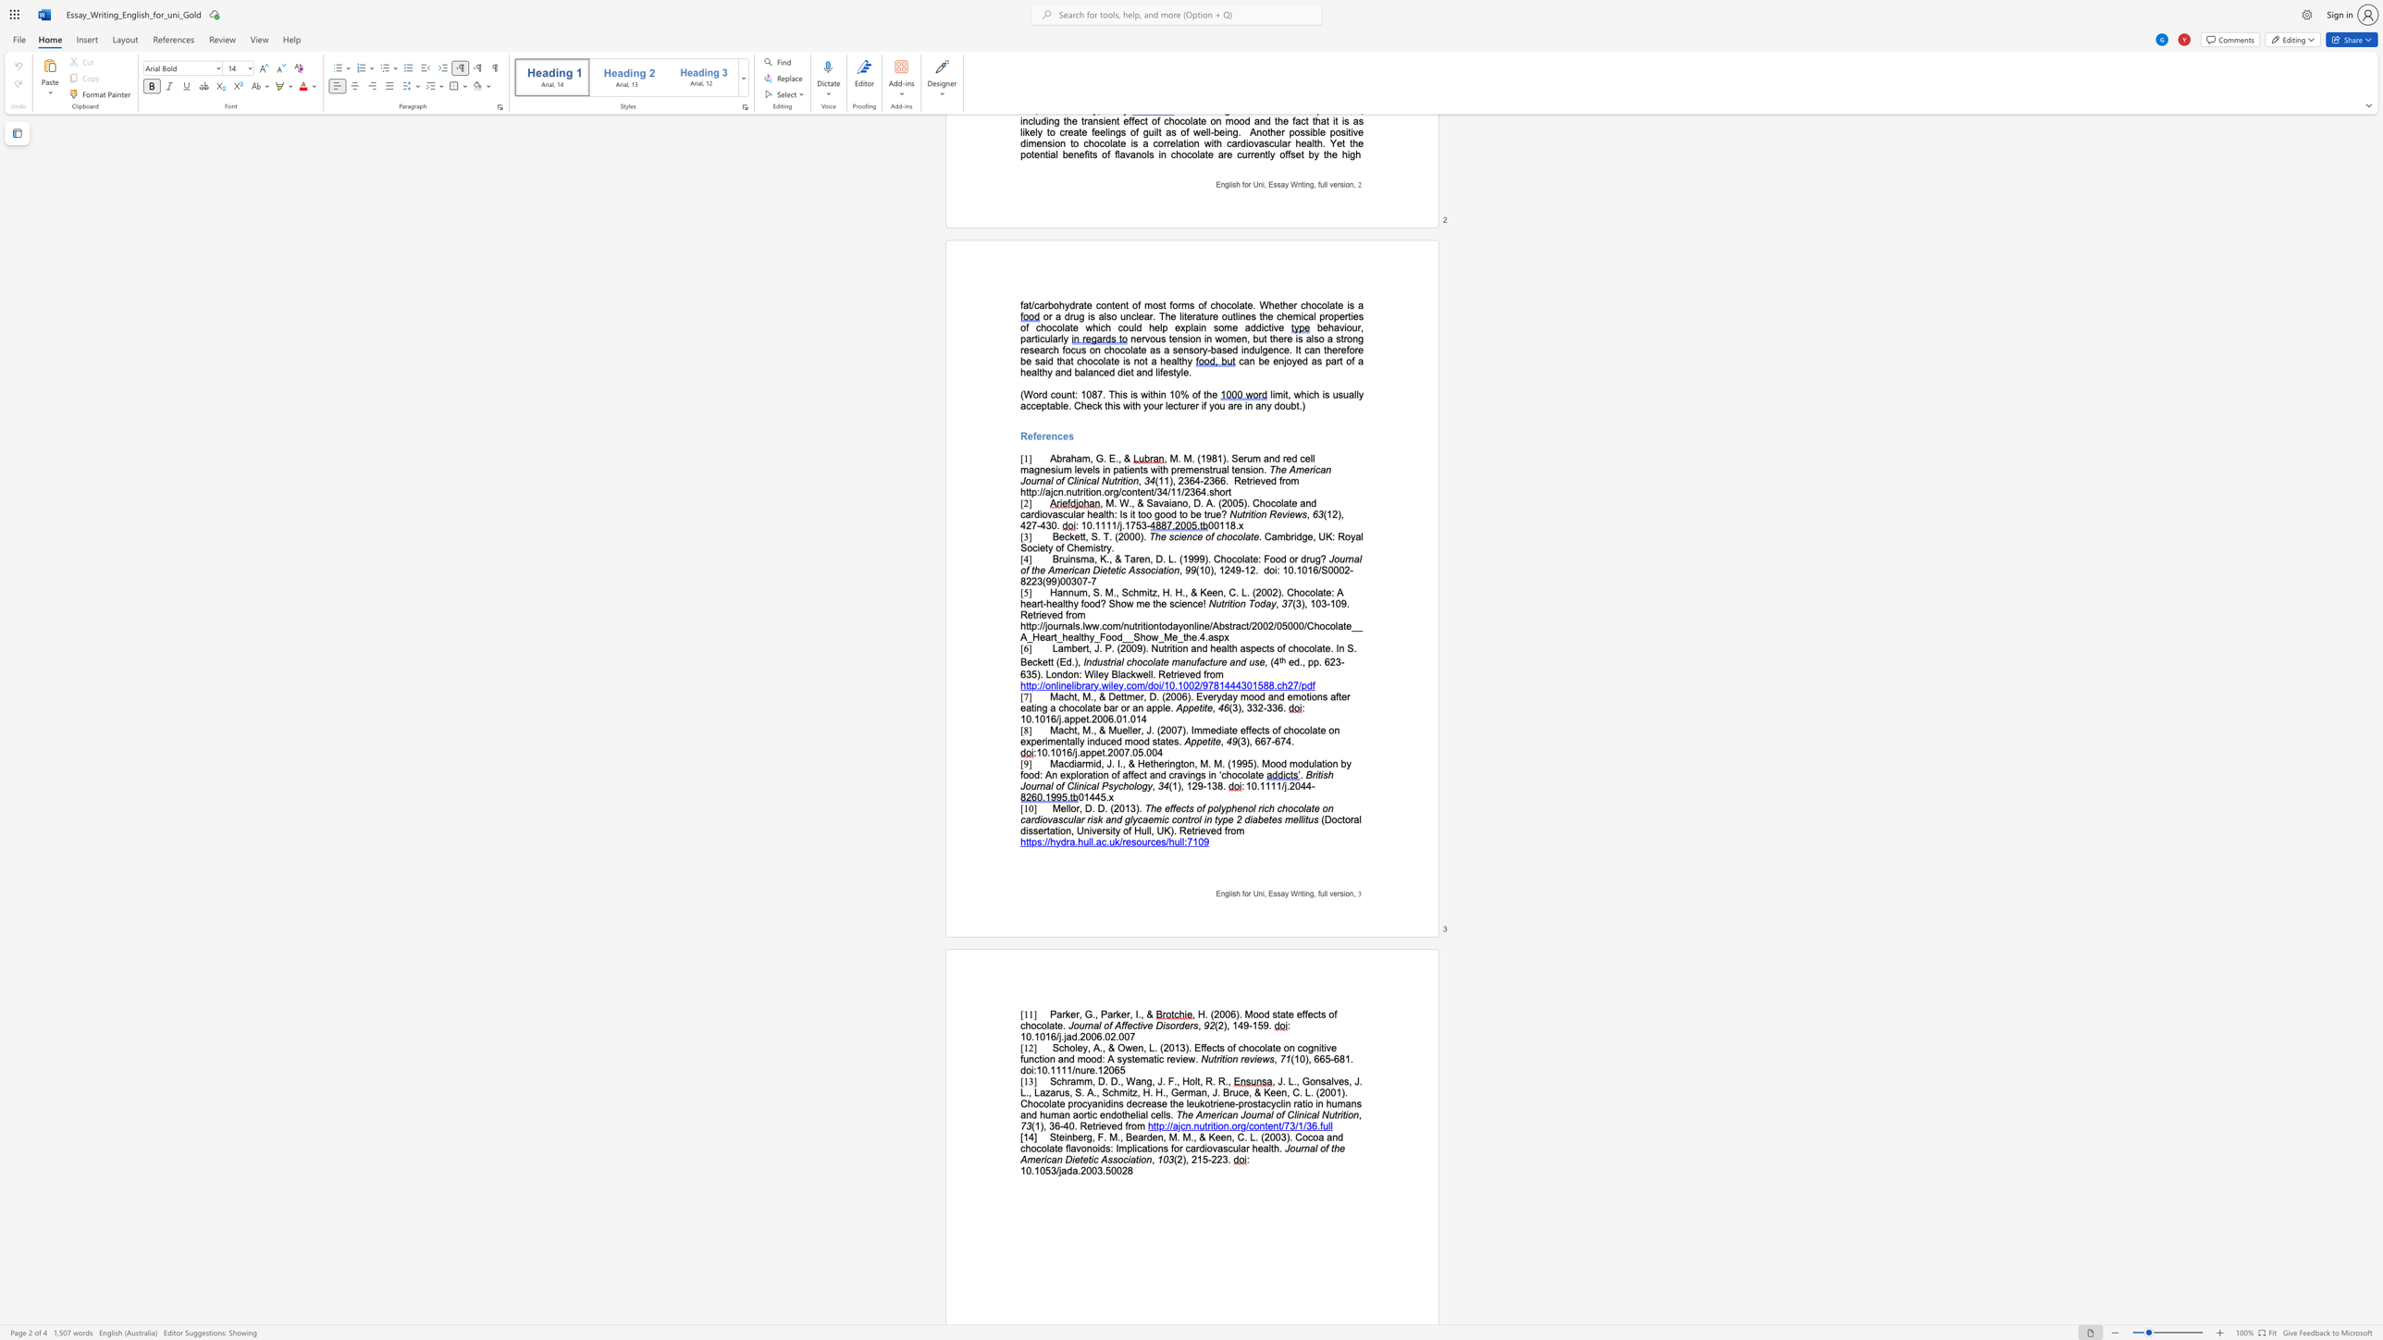  What do you see at coordinates (1266, 1126) in the screenshot?
I see `the subset text "ent/73/1/36.fu" within the text "http://ajcn.nutrition.org/content/73/1/36.full"` at bounding box center [1266, 1126].